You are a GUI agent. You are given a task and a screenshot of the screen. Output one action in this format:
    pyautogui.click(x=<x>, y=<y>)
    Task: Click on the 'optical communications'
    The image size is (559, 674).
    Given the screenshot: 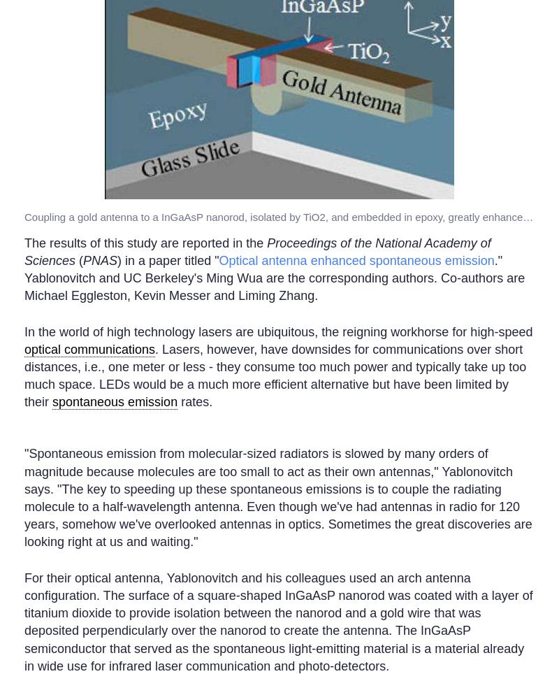 What is the action you would take?
    pyautogui.click(x=23, y=347)
    